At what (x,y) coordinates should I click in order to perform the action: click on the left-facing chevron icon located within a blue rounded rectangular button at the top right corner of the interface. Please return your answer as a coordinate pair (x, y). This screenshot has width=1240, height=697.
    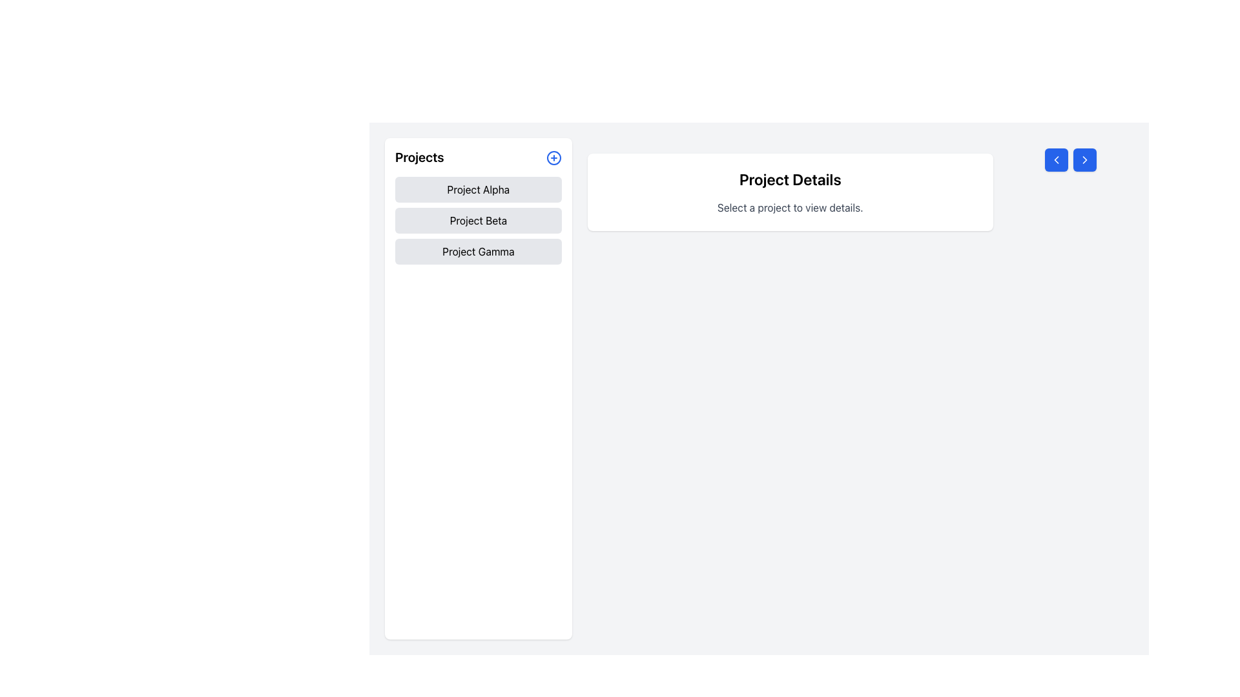
    Looking at the image, I should click on (1057, 159).